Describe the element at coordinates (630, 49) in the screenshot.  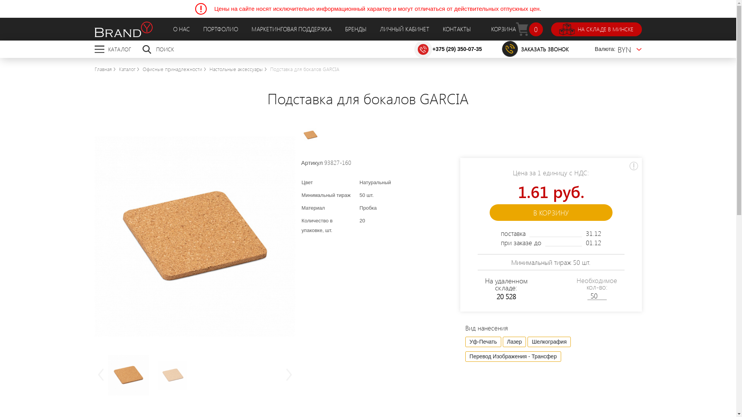
I see `'BYN'` at that location.